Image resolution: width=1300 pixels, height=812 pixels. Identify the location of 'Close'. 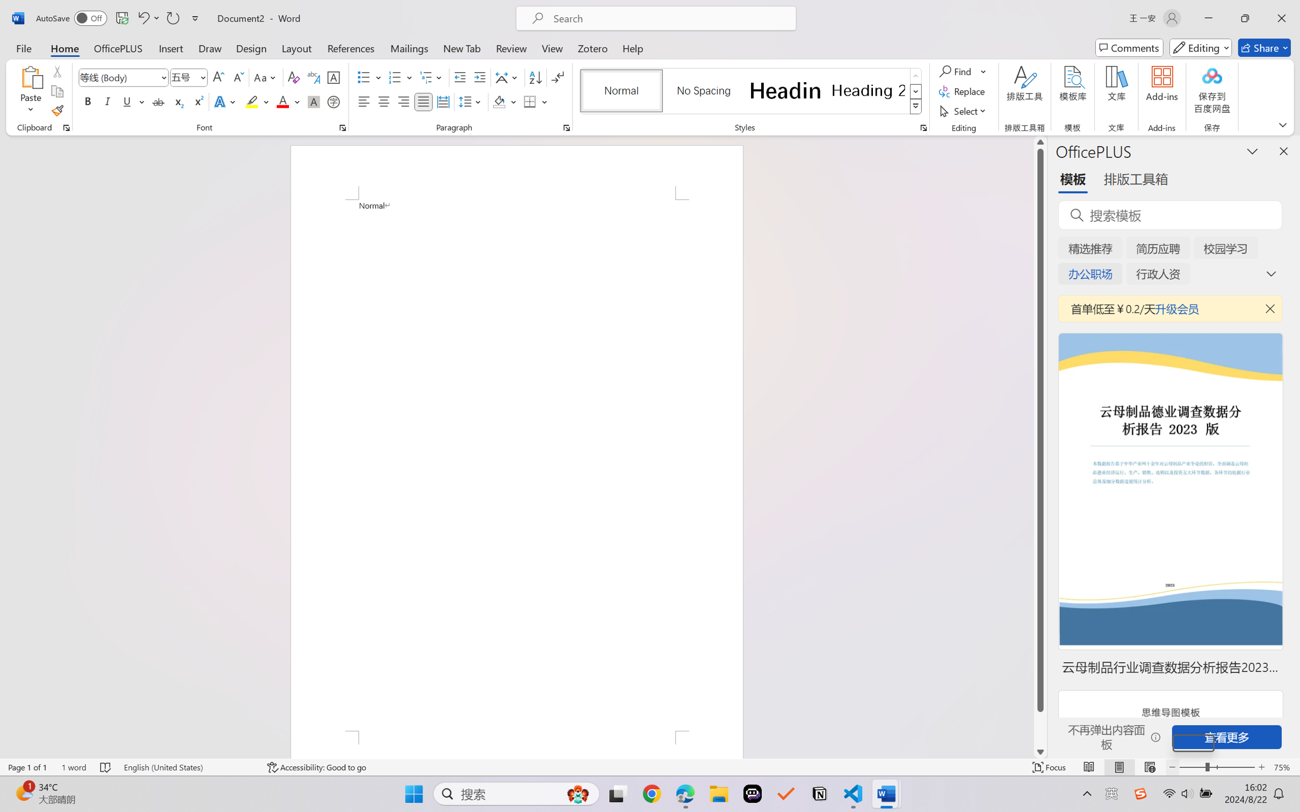
(1281, 18).